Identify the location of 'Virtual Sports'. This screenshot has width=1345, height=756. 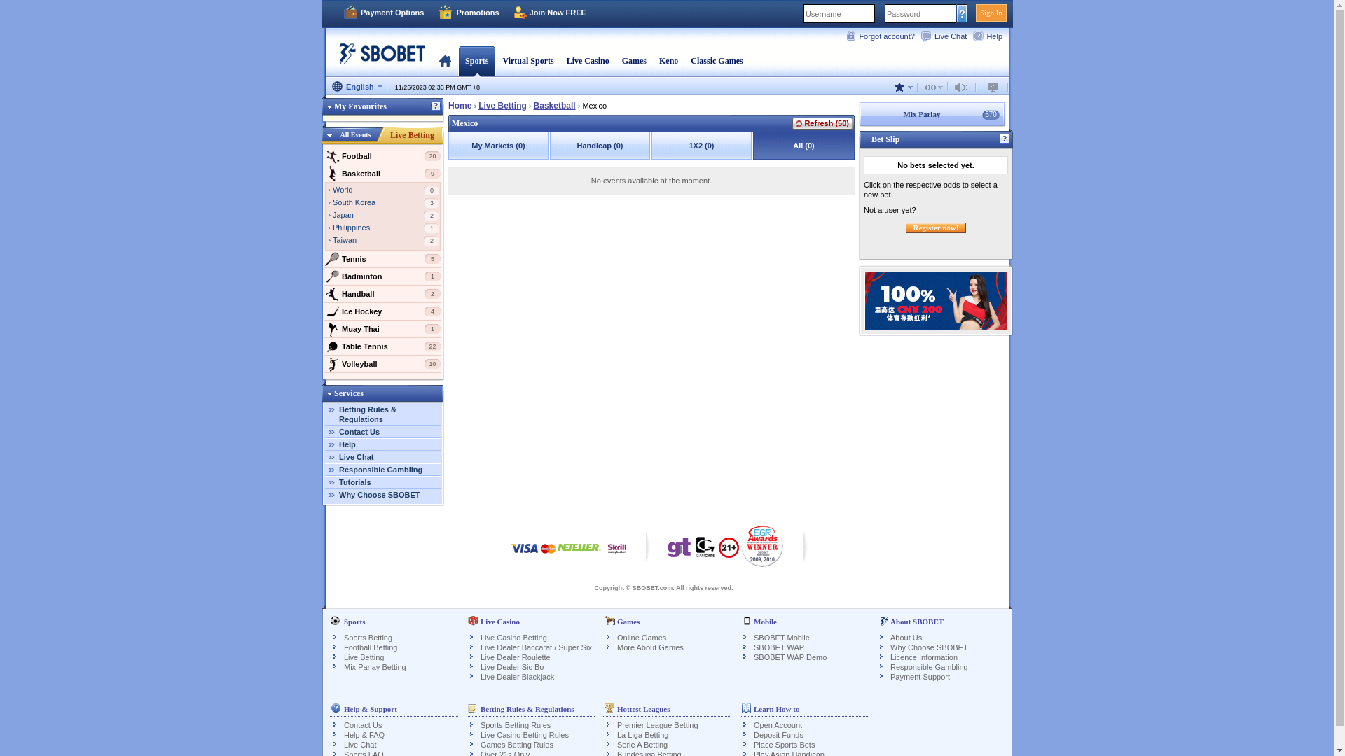
(527, 60).